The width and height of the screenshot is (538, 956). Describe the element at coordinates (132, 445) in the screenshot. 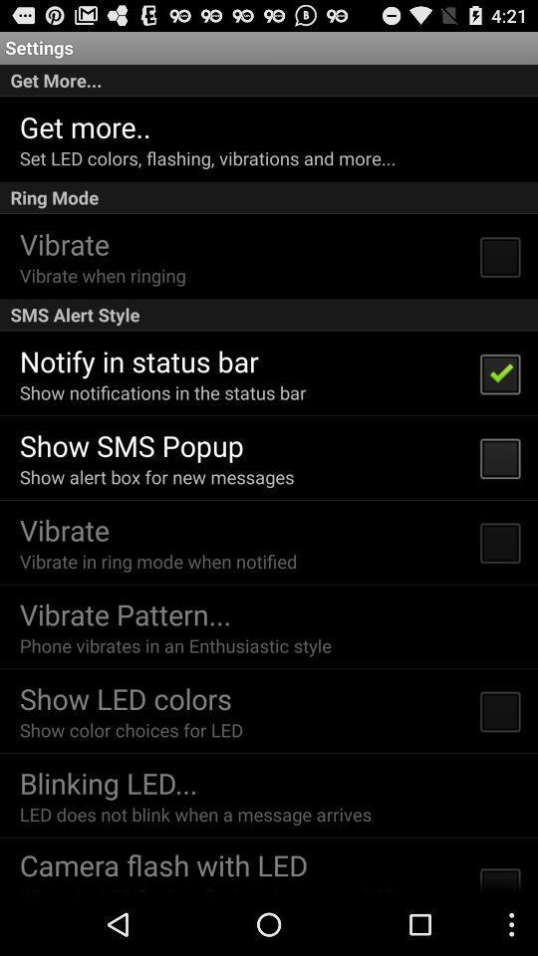

I see `the item below show notifications in icon` at that location.